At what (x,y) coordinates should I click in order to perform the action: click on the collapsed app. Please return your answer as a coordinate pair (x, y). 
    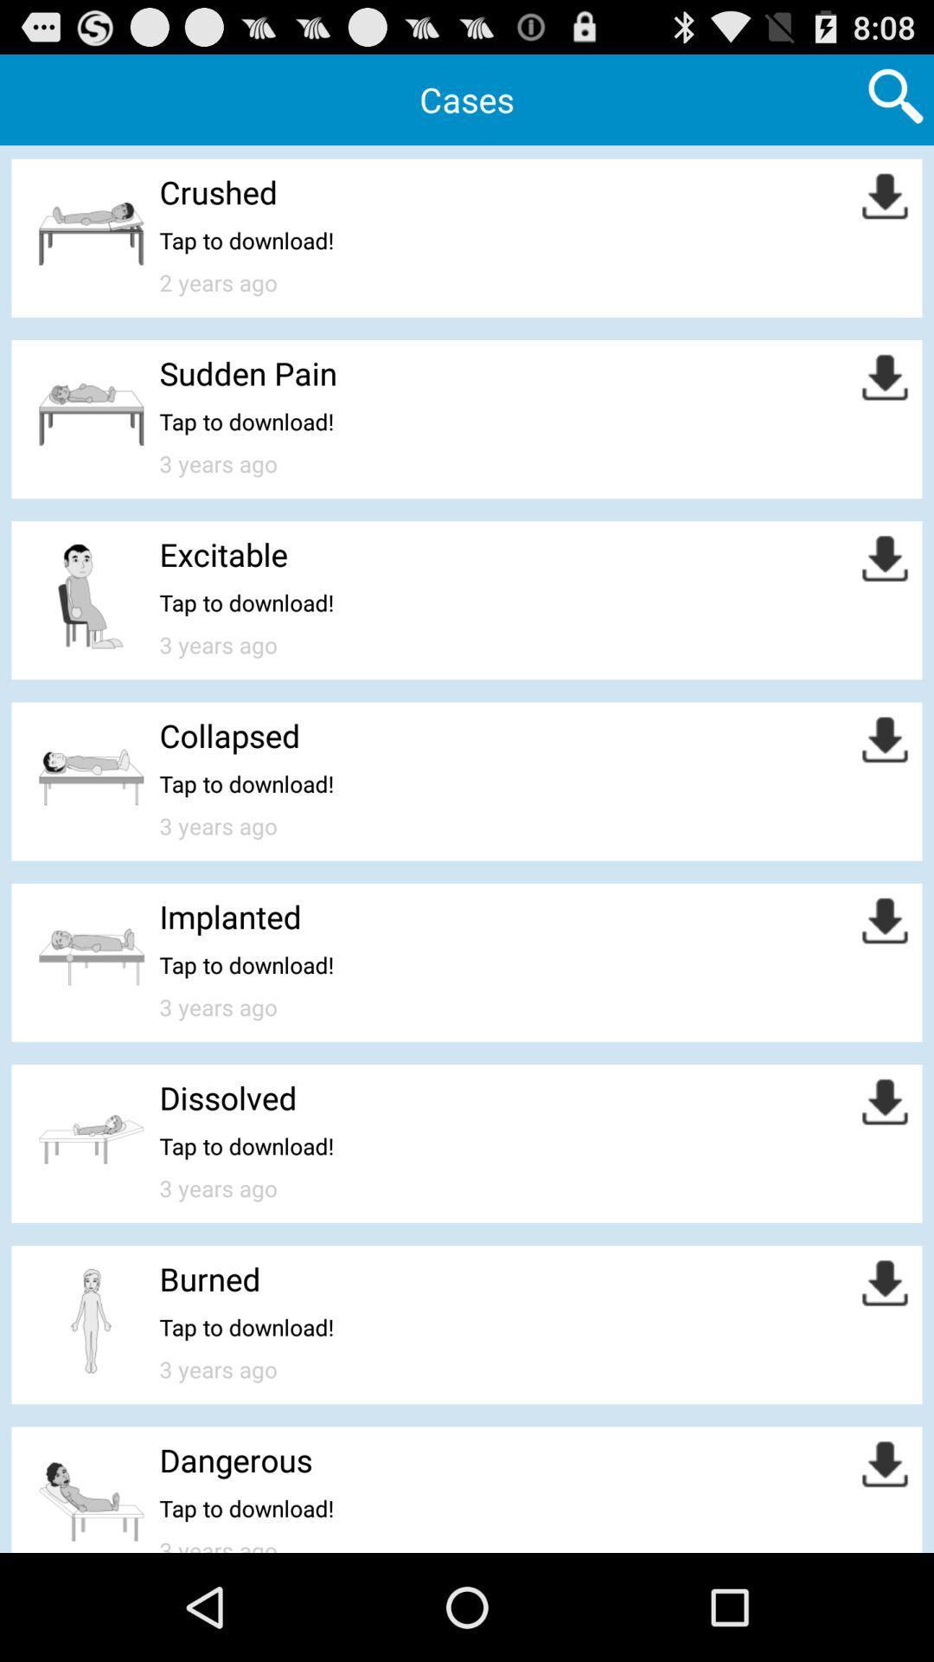
    Looking at the image, I should click on (228, 735).